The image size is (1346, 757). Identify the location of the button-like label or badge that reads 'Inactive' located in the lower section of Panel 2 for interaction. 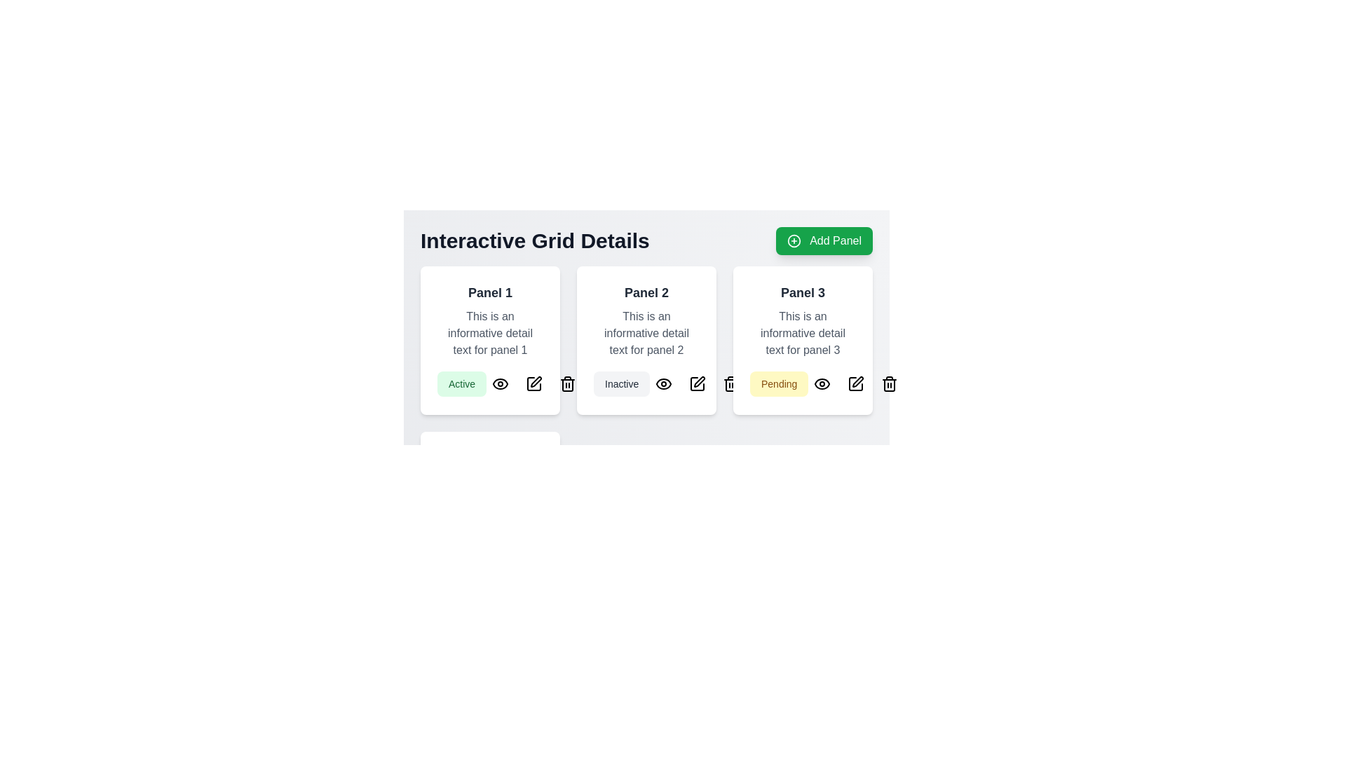
(621, 383).